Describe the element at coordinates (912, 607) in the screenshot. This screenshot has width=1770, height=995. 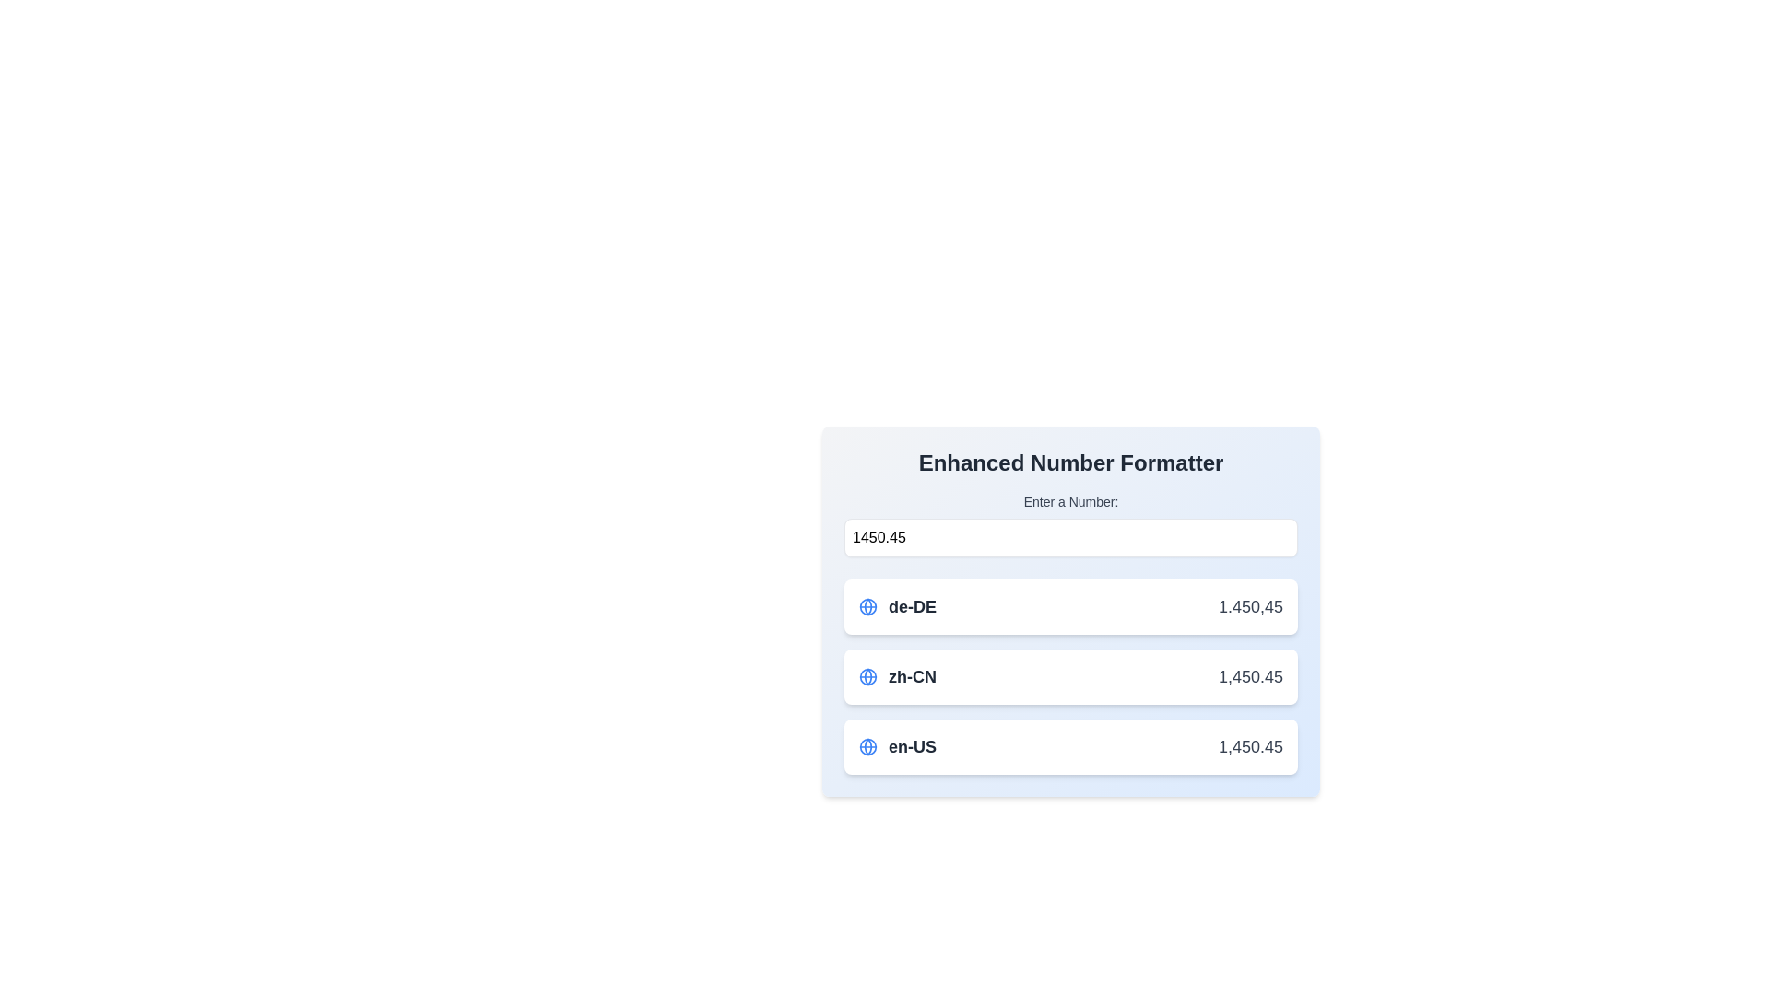
I see `the Text label indicating the German language option in the language selection list` at that location.